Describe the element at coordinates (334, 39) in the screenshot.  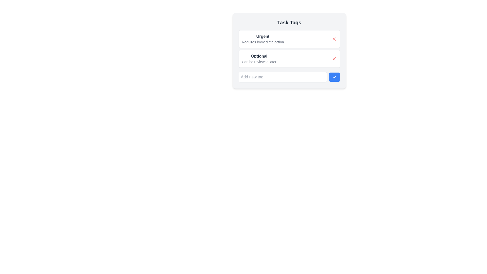
I see `the close button represented by an 'X' icon` at that location.